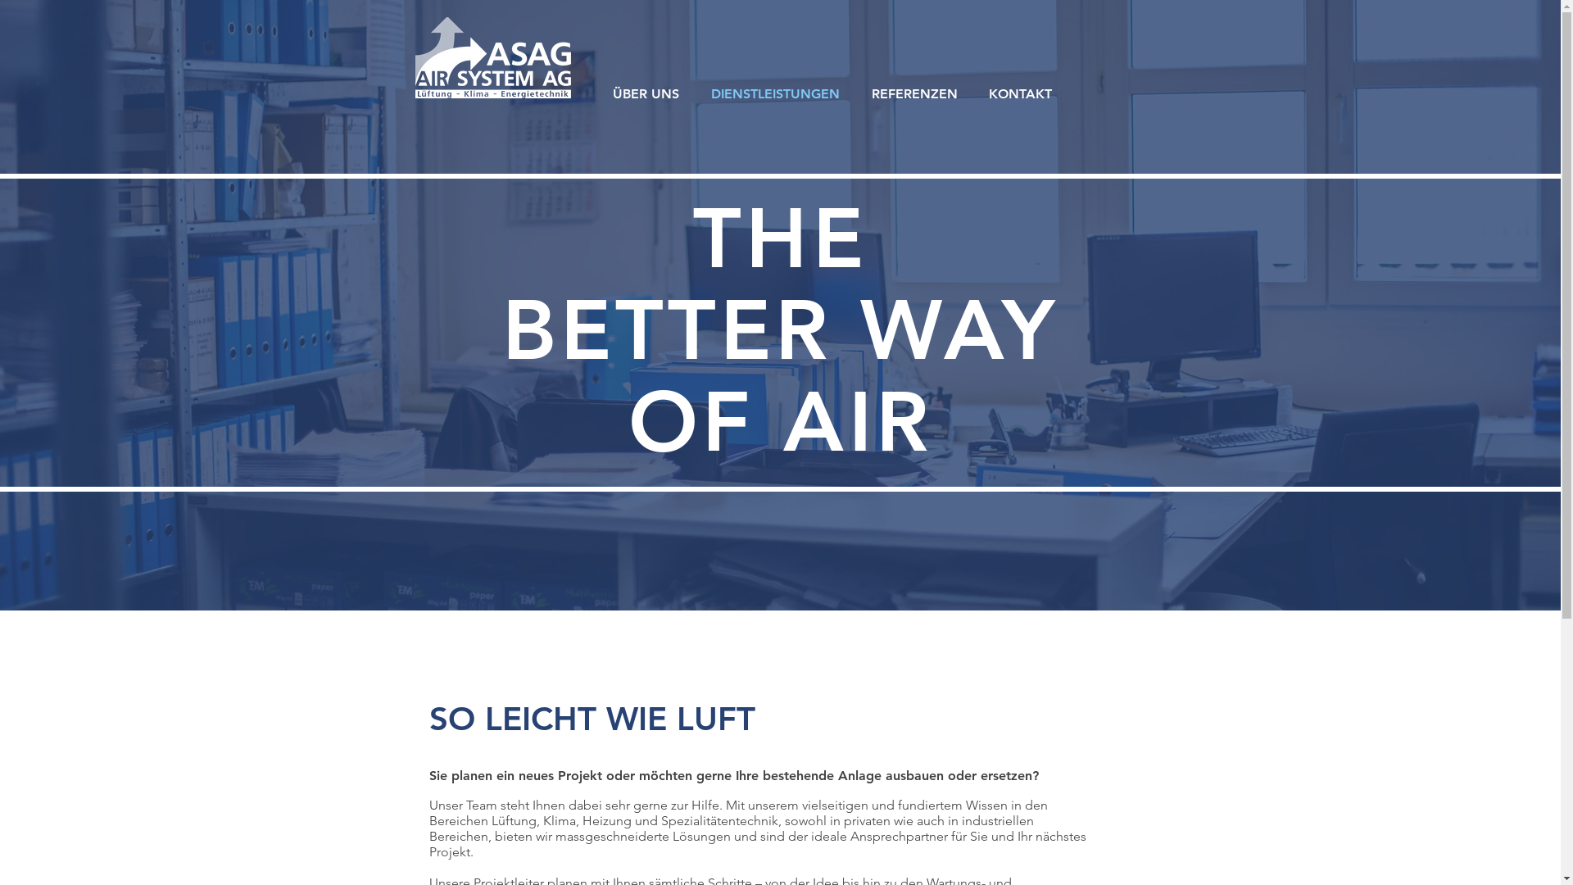 The width and height of the screenshot is (1573, 885). Describe the element at coordinates (1019, 94) in the screenshot. I see `'KONTAKT'` at that location.